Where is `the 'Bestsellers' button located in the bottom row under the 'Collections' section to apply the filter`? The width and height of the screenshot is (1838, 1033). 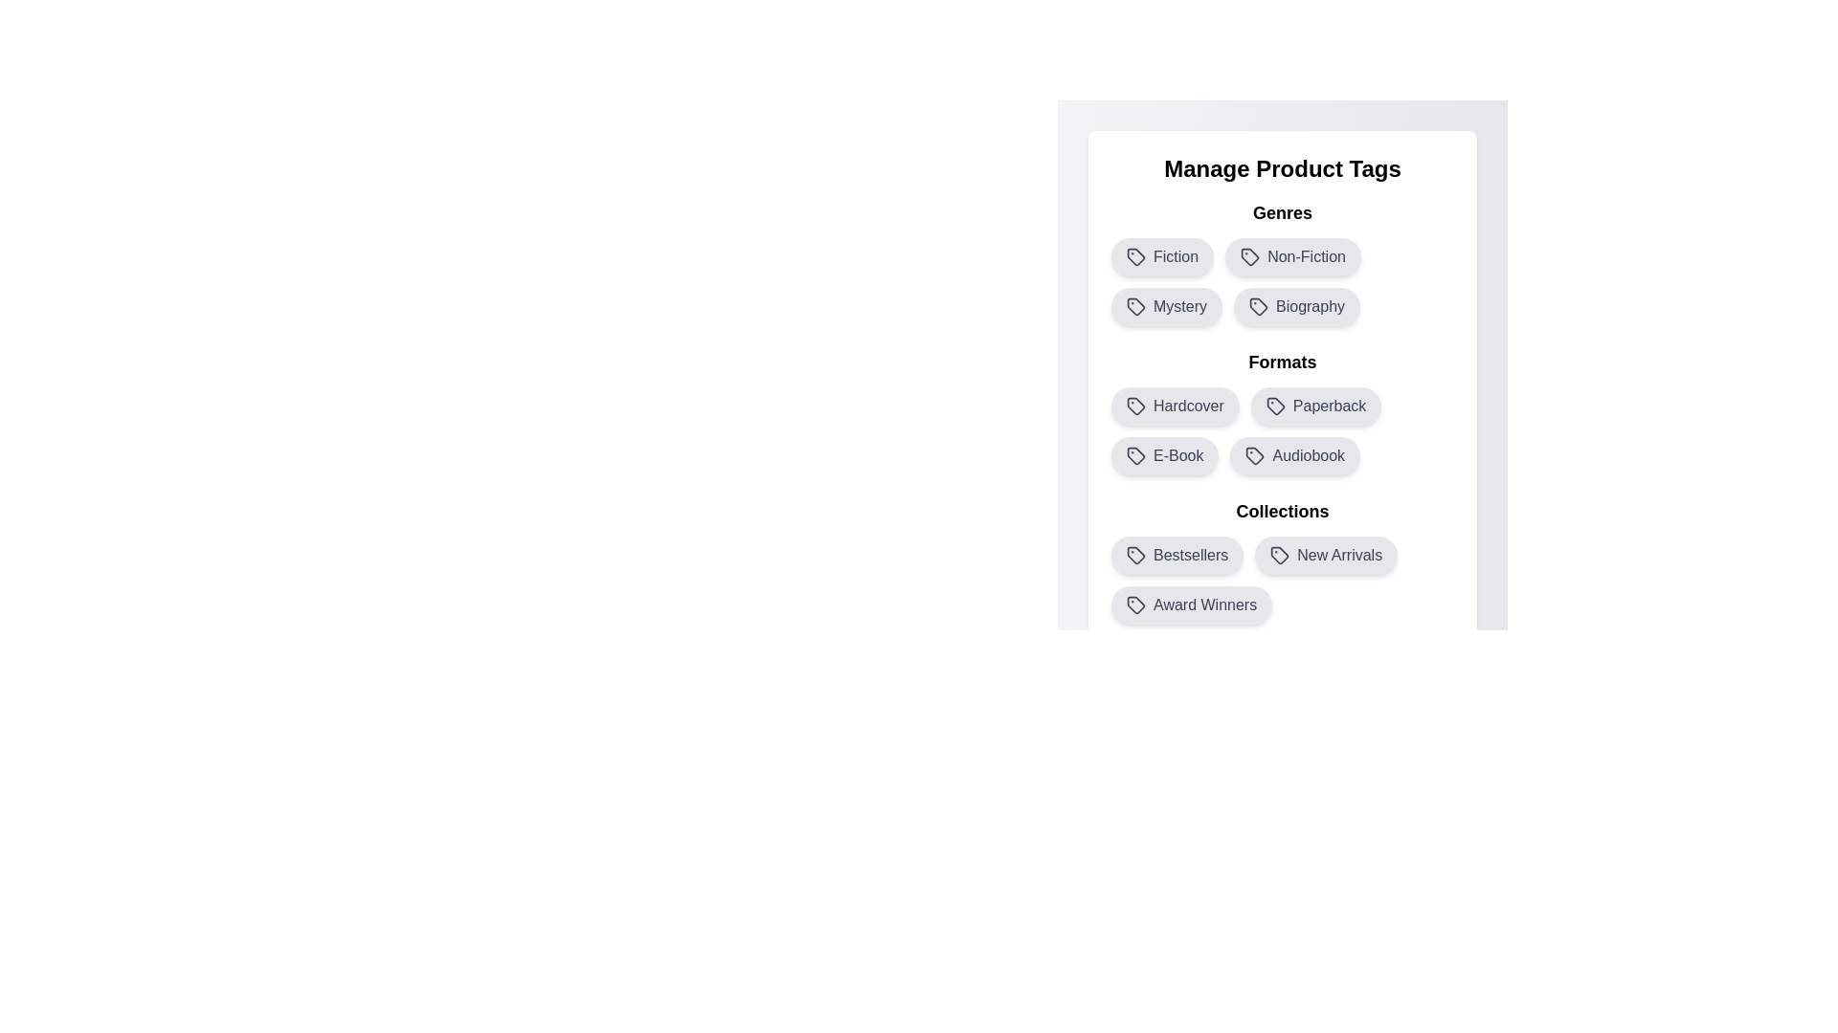
the 'Bestsellers' button located in the bottom row under the 'Collections' section to apply the filter is located at coordinates (1176, 556).